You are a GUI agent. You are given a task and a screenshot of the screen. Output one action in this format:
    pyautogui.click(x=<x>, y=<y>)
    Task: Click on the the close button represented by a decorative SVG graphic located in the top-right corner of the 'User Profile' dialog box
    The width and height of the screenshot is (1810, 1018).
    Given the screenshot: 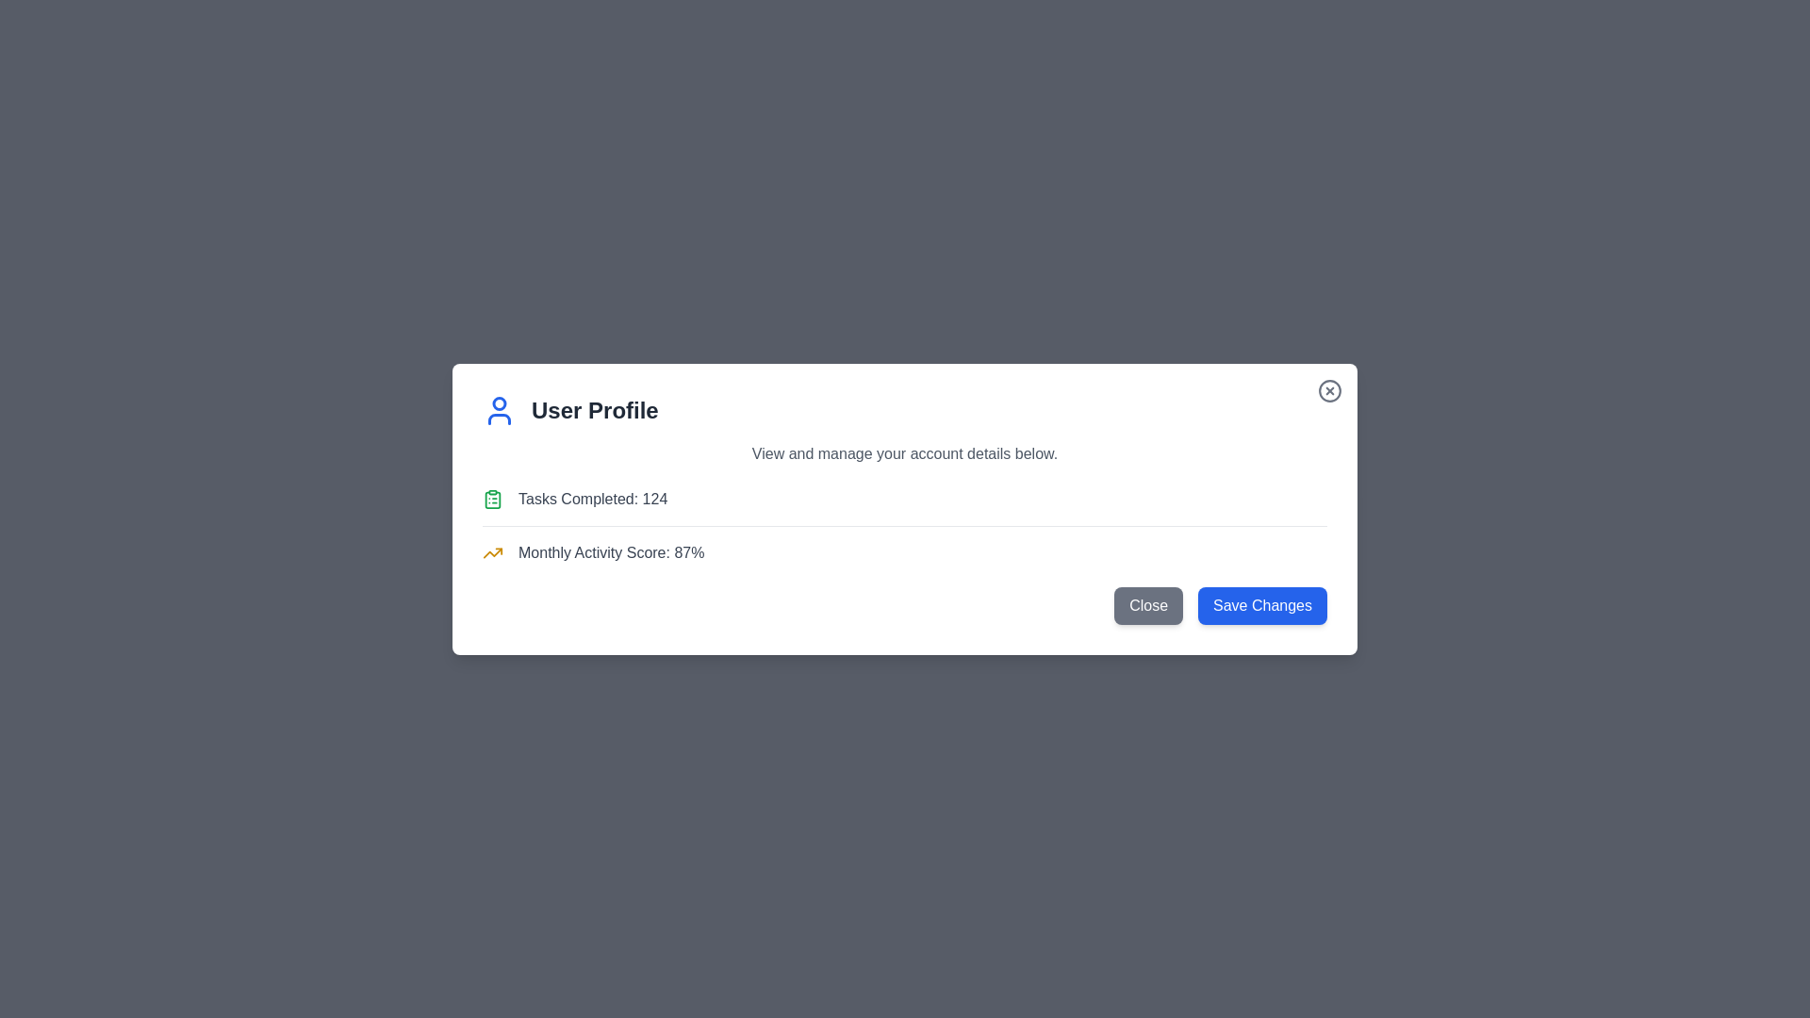 What is the action you would take?
    pyautogui.click(x=1329, y=389)
    